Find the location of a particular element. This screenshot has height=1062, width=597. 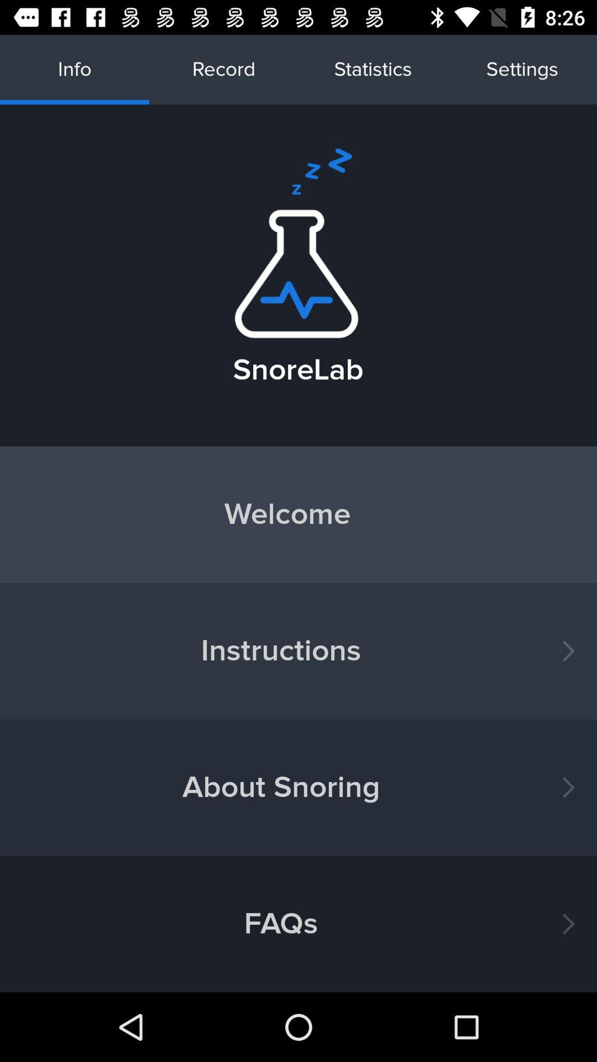

instructions icon is located at coordinates (298, 651).